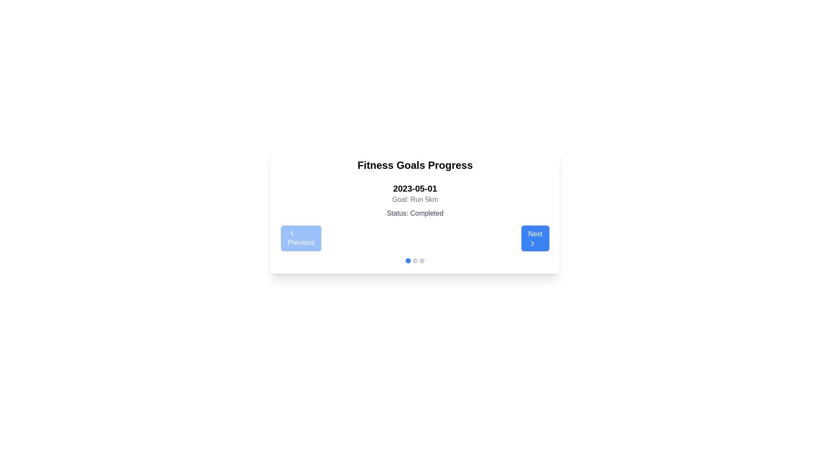  What do you see at coordinates (534, 238) in the screenshot?
I see `'Next' button to display the next fitness goal details` at bounding box center [534, 238].